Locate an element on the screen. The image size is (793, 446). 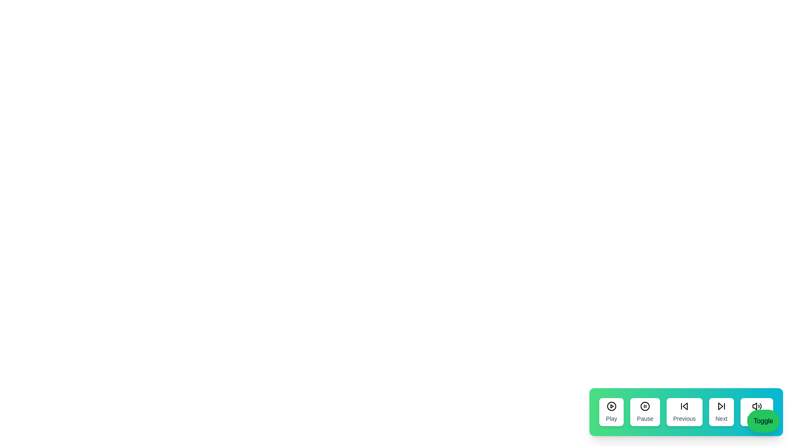
the 'Pause' button to halt playback is located at coordinates (644, 412).